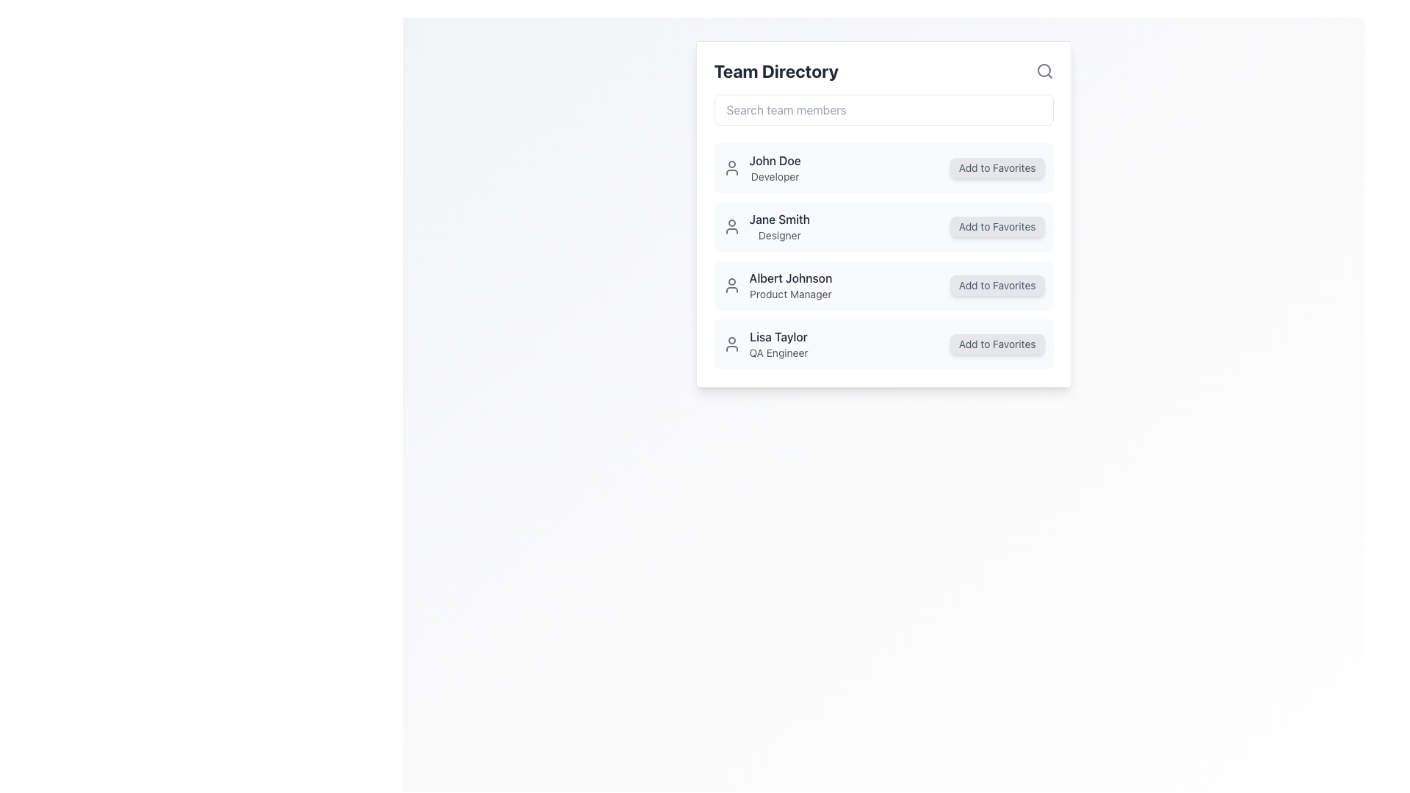  Describe the element at coordinates (1043, 70) in the screenshot. I see `the circular search icon element located in the top-right corner of the application header` at that location.